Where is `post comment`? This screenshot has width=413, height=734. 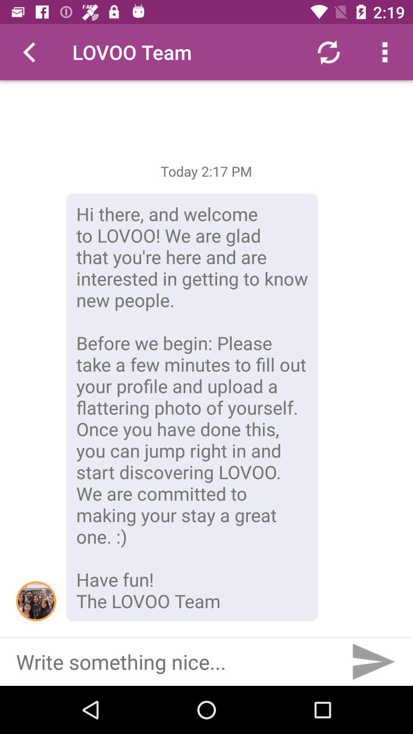 post comment is located at coordinates (372, 661).